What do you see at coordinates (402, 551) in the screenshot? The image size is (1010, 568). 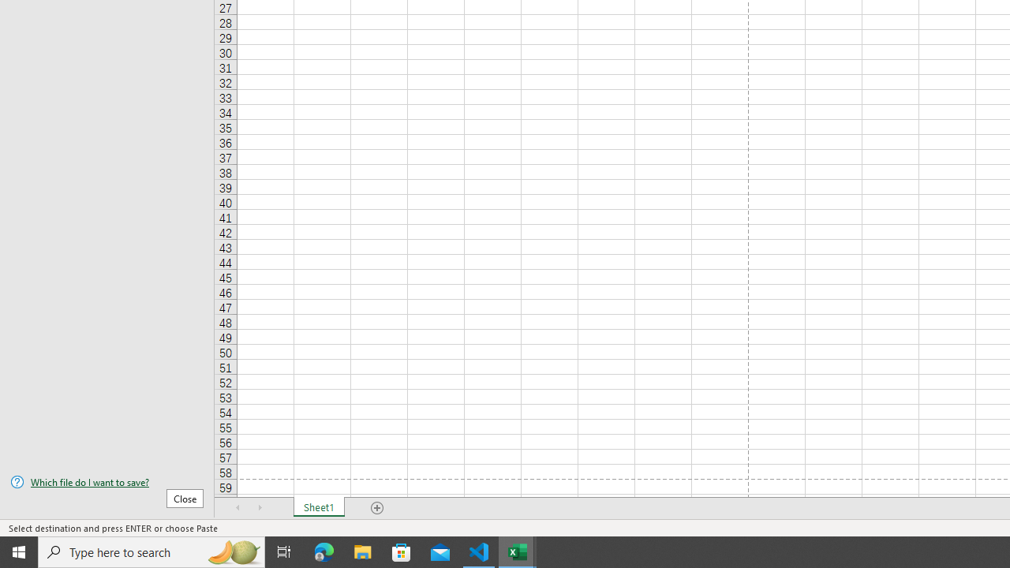 I see `'Microsoft Store'` at bounding box center [402, 551].